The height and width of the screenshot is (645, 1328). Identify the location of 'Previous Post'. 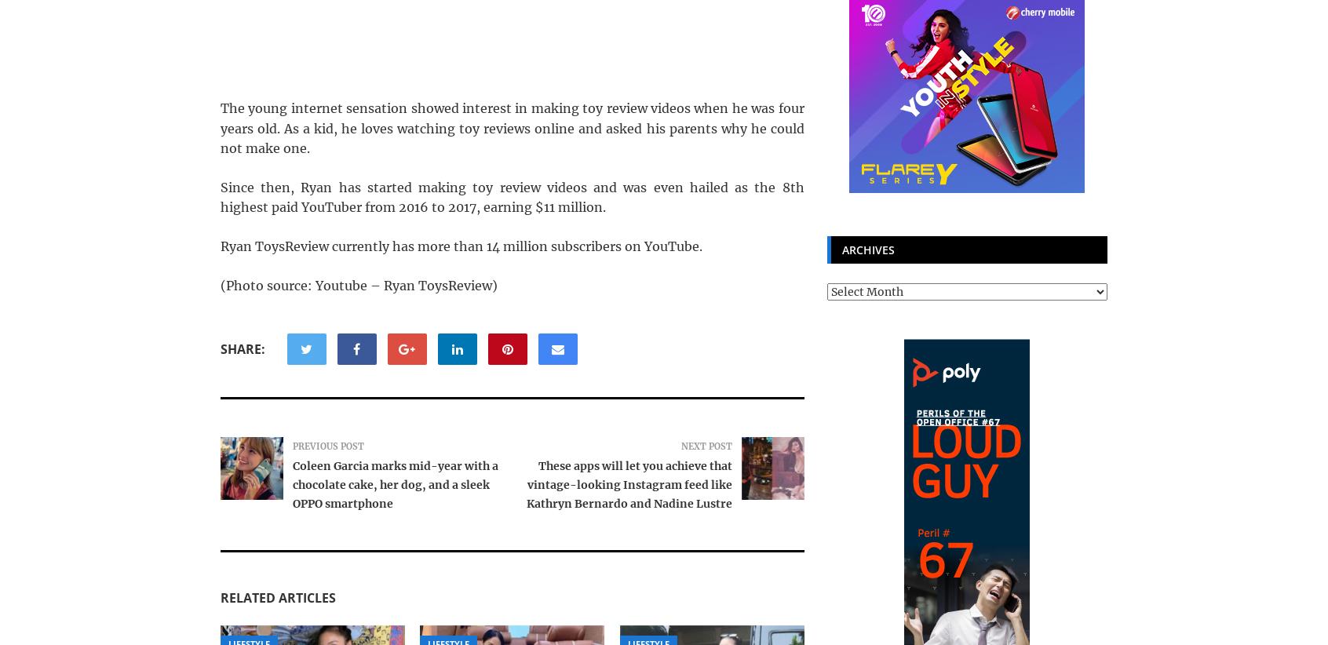
(328, 446).